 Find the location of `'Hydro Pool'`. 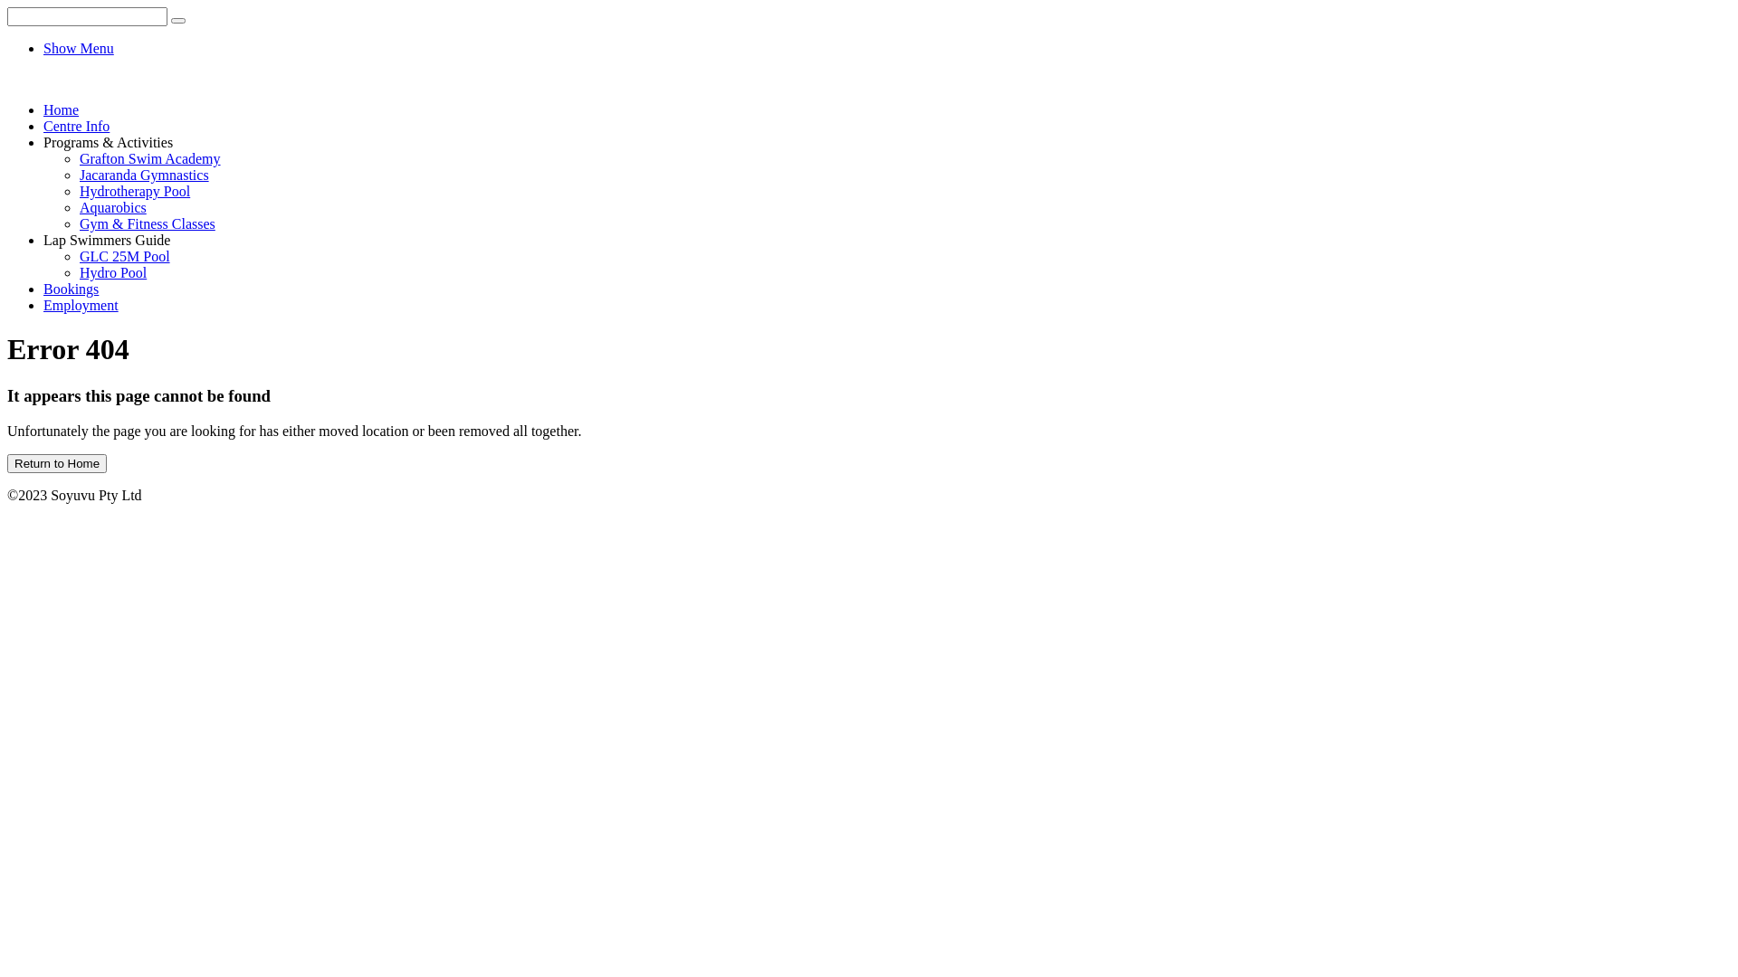

'Hydro Pool' is located at coordinates (111, 272).